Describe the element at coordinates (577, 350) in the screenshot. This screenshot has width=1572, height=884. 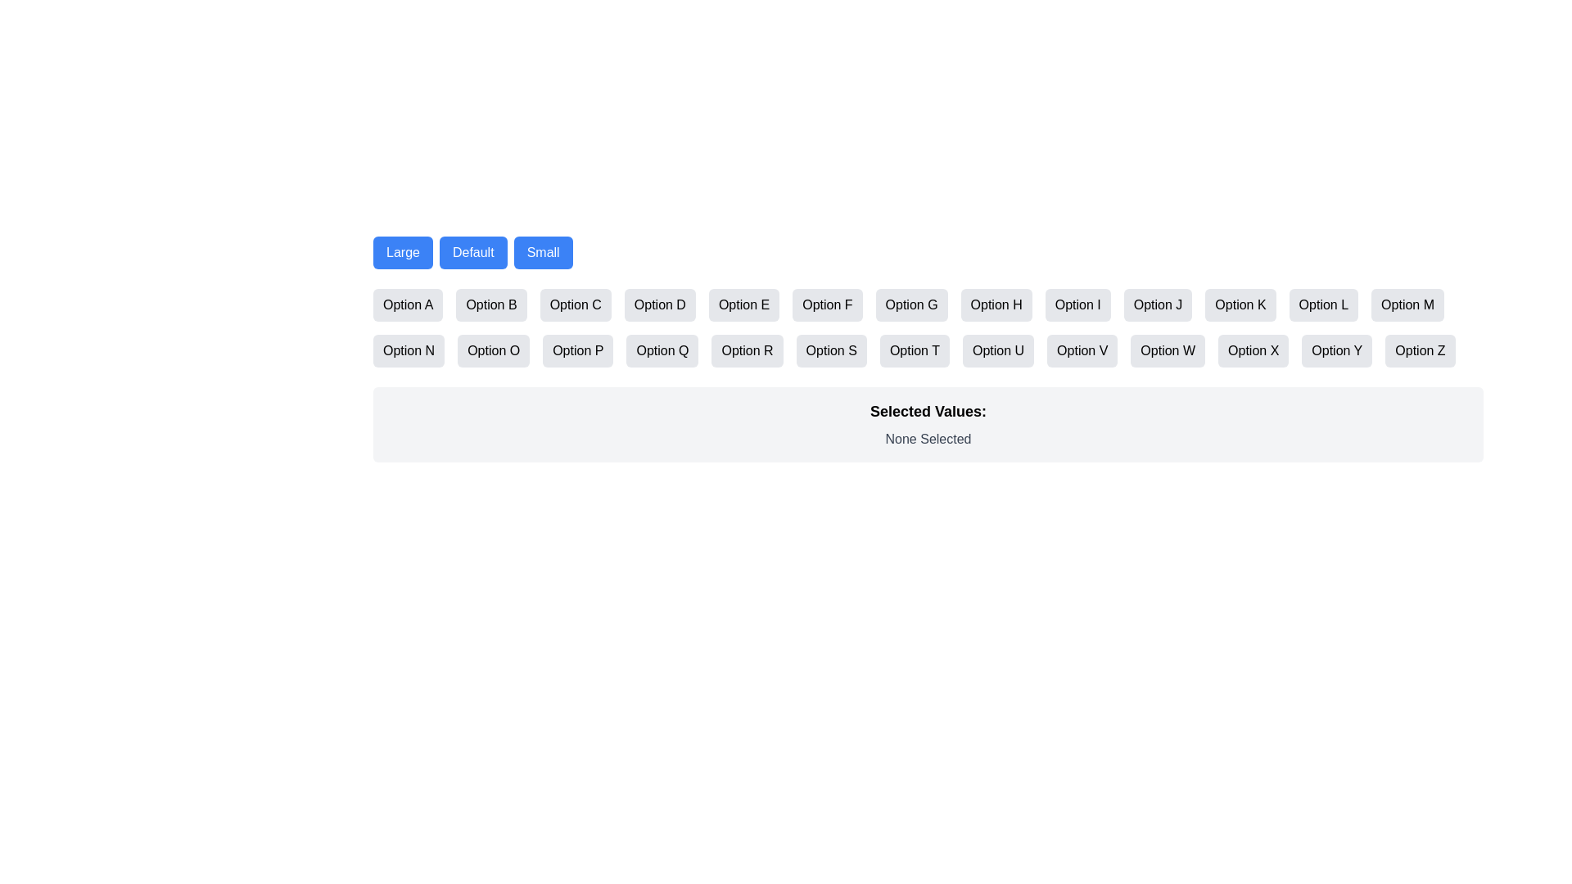
I see `the button labeled 'Option P' which is the third button from the left in the second row of a grid layout below the blue buttons labeled 'Large', 'Default', and 'Small'` at that location.